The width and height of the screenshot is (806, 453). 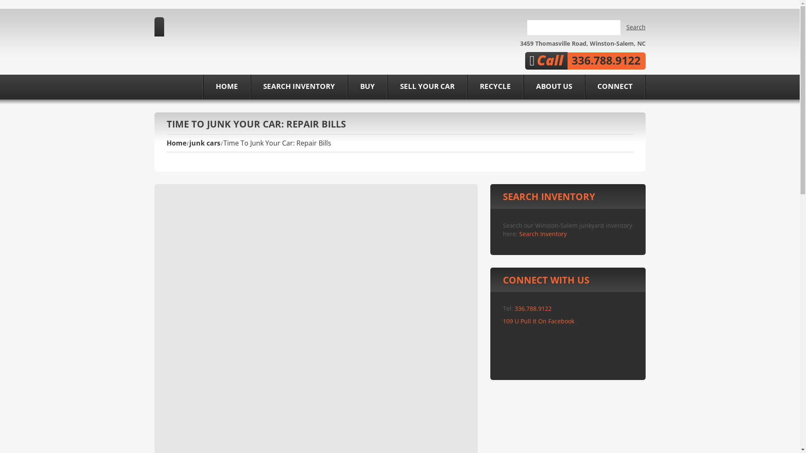 I want to click on 'Watch us on Youtube', so click(x=509, y=60).